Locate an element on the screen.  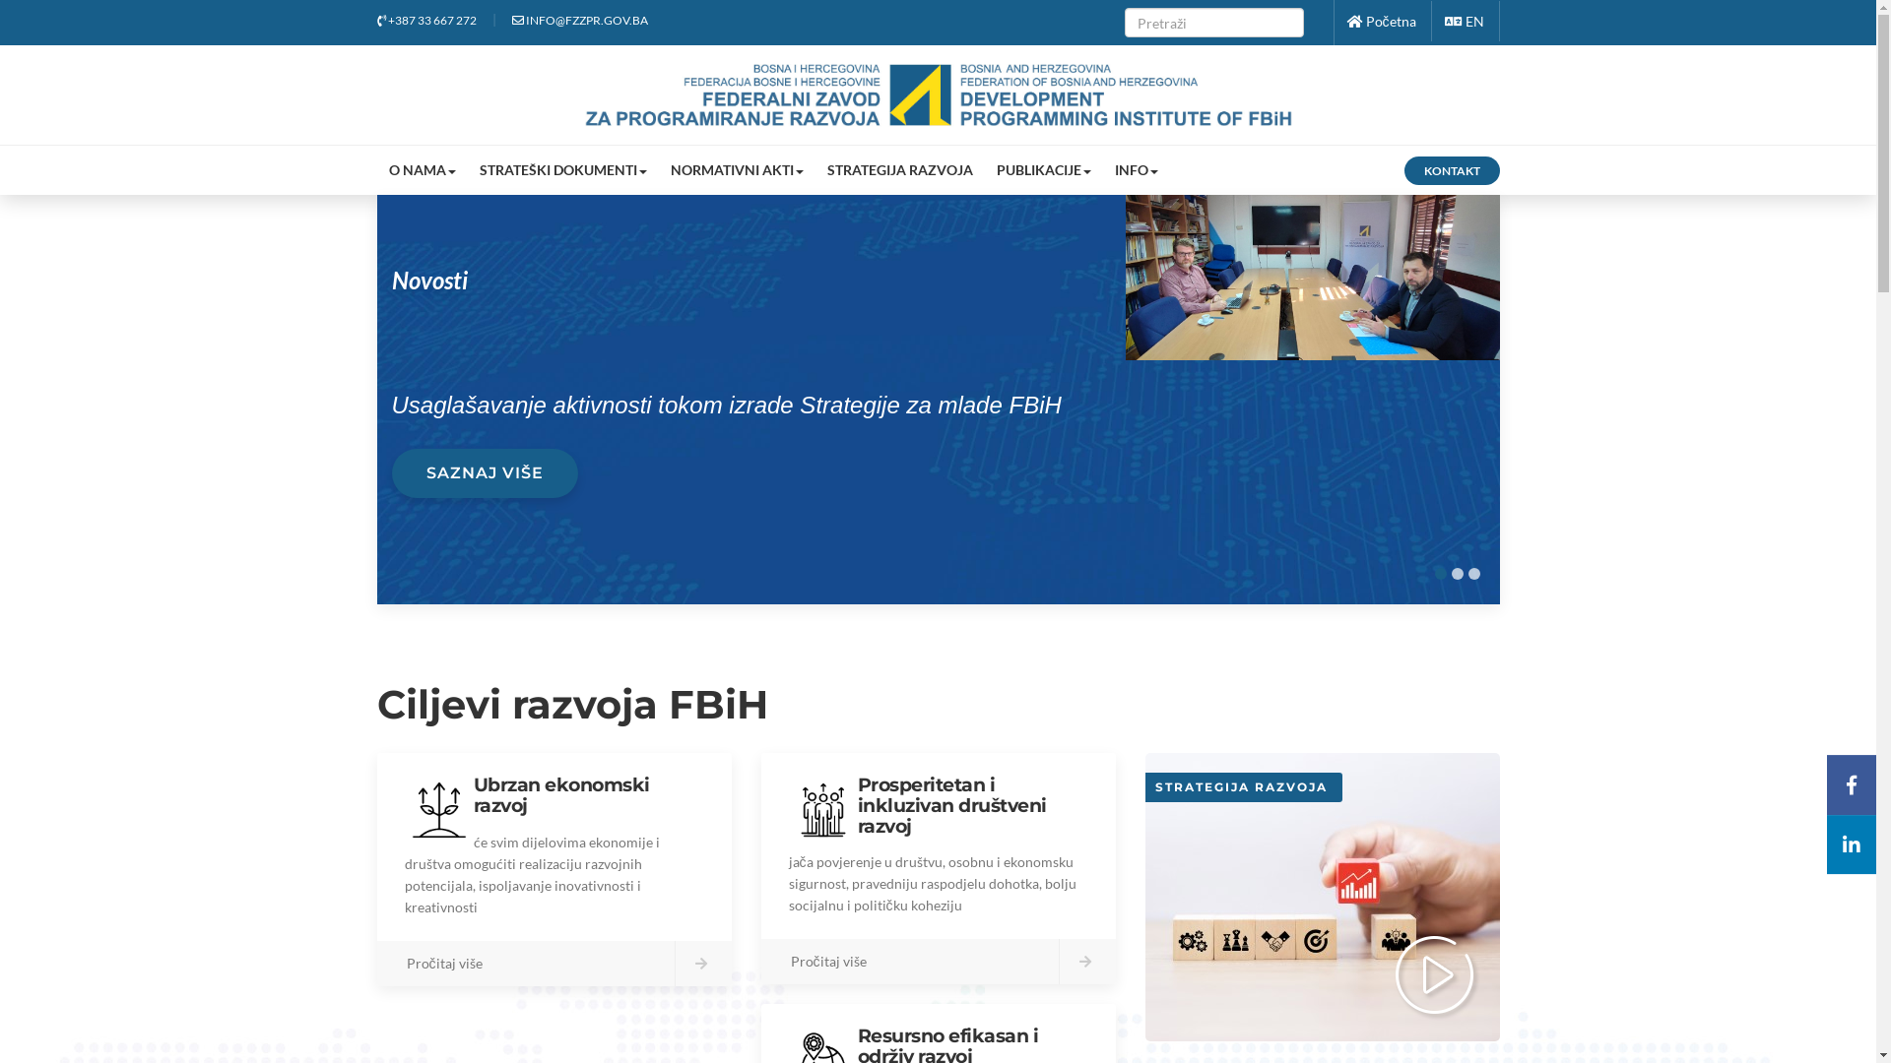
'NORMATIVNI AKTI' is located at coordinates (657, 169).